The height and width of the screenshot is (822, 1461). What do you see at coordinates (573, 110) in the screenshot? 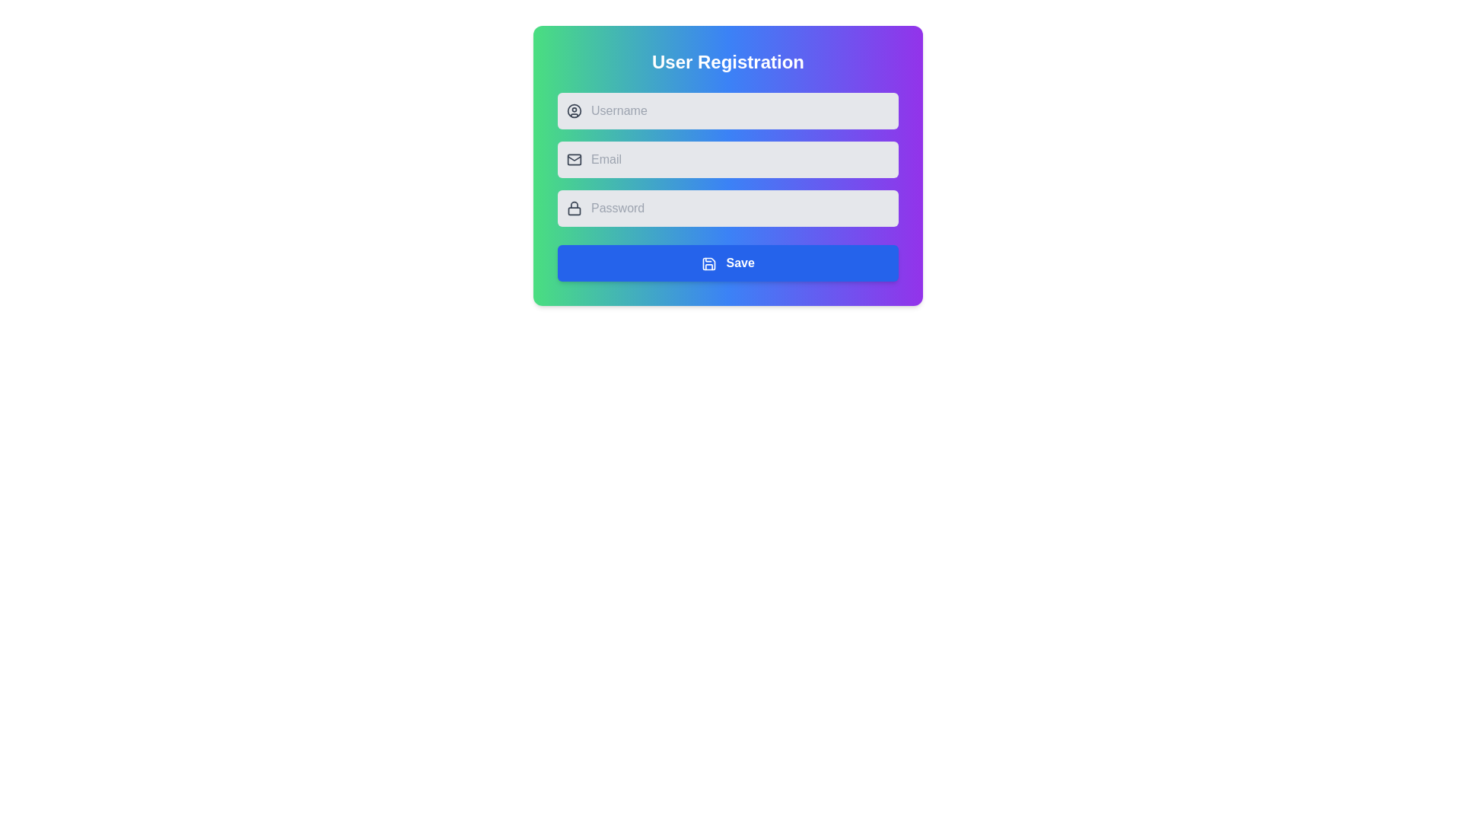
I see `the circular SVG graphic component that is part of the profile icon located next to the 'Username' input field in the user registration form` at bounding box center [573, 110].